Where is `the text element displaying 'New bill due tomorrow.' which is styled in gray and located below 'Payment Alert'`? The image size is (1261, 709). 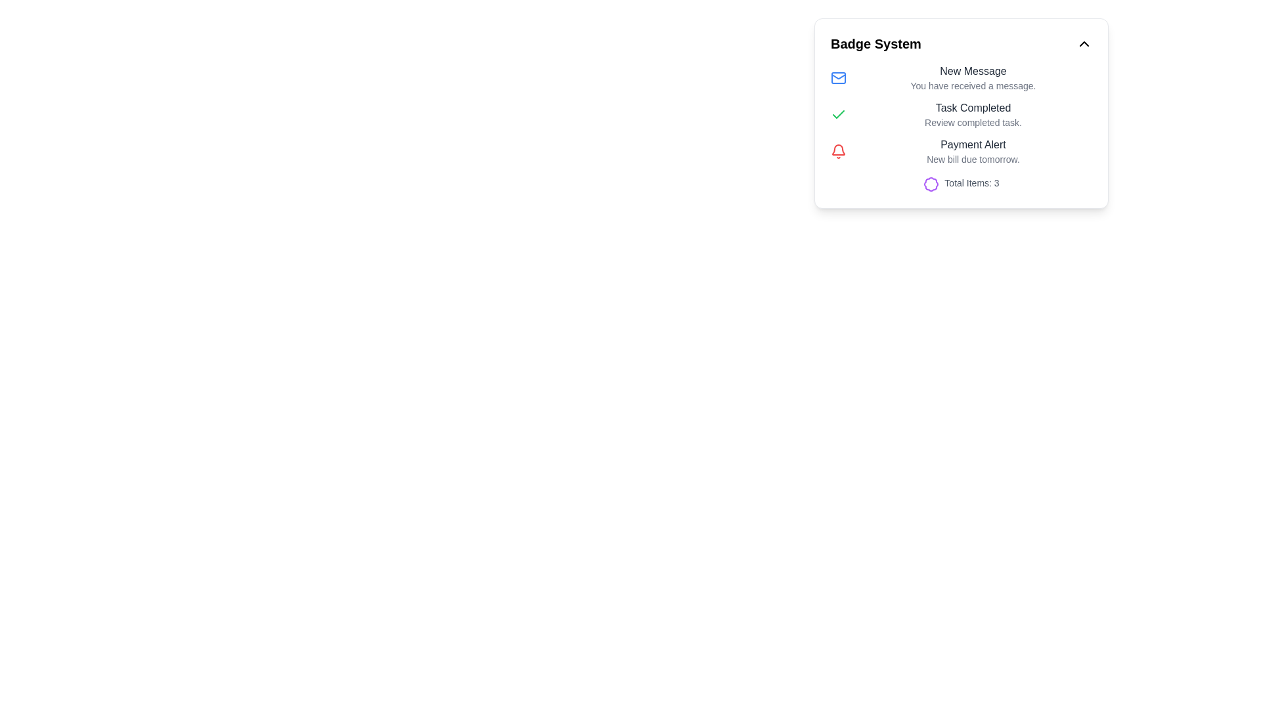
the text element displaying 'New bill due tomorrow.' which is styled in gray and located below 'Payment Alert' is located at coordinates (973, 159).